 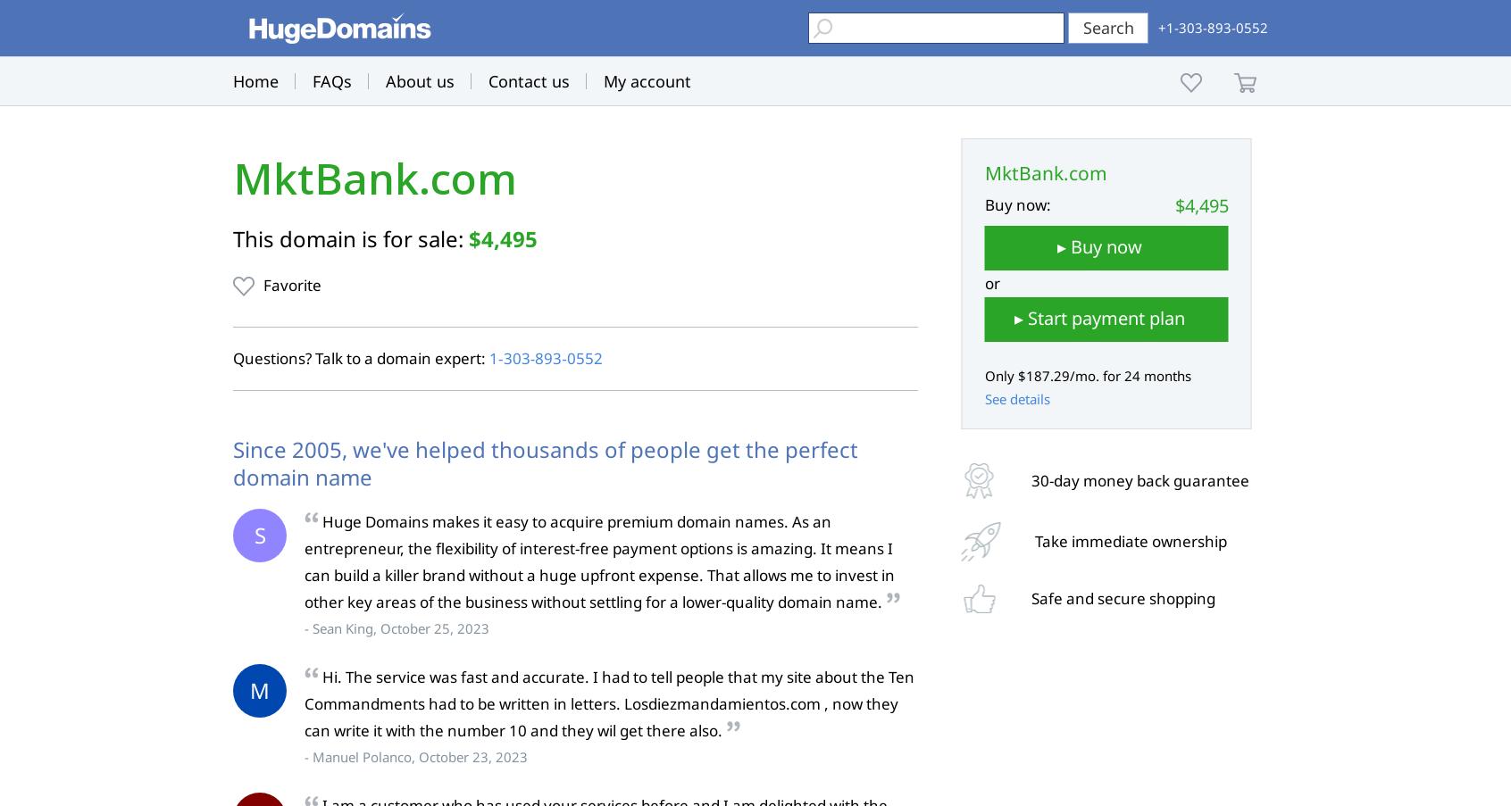 What do you see at coordinates (351, 237) in the screenshot?
I see `'This domain is for sale:'` at bounding box center [351, 237].